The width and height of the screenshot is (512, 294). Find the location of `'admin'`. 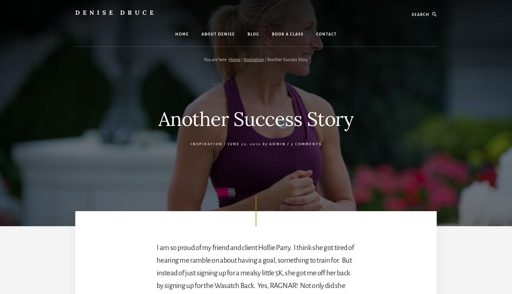

'admin' is located at coordinates (277, 143).